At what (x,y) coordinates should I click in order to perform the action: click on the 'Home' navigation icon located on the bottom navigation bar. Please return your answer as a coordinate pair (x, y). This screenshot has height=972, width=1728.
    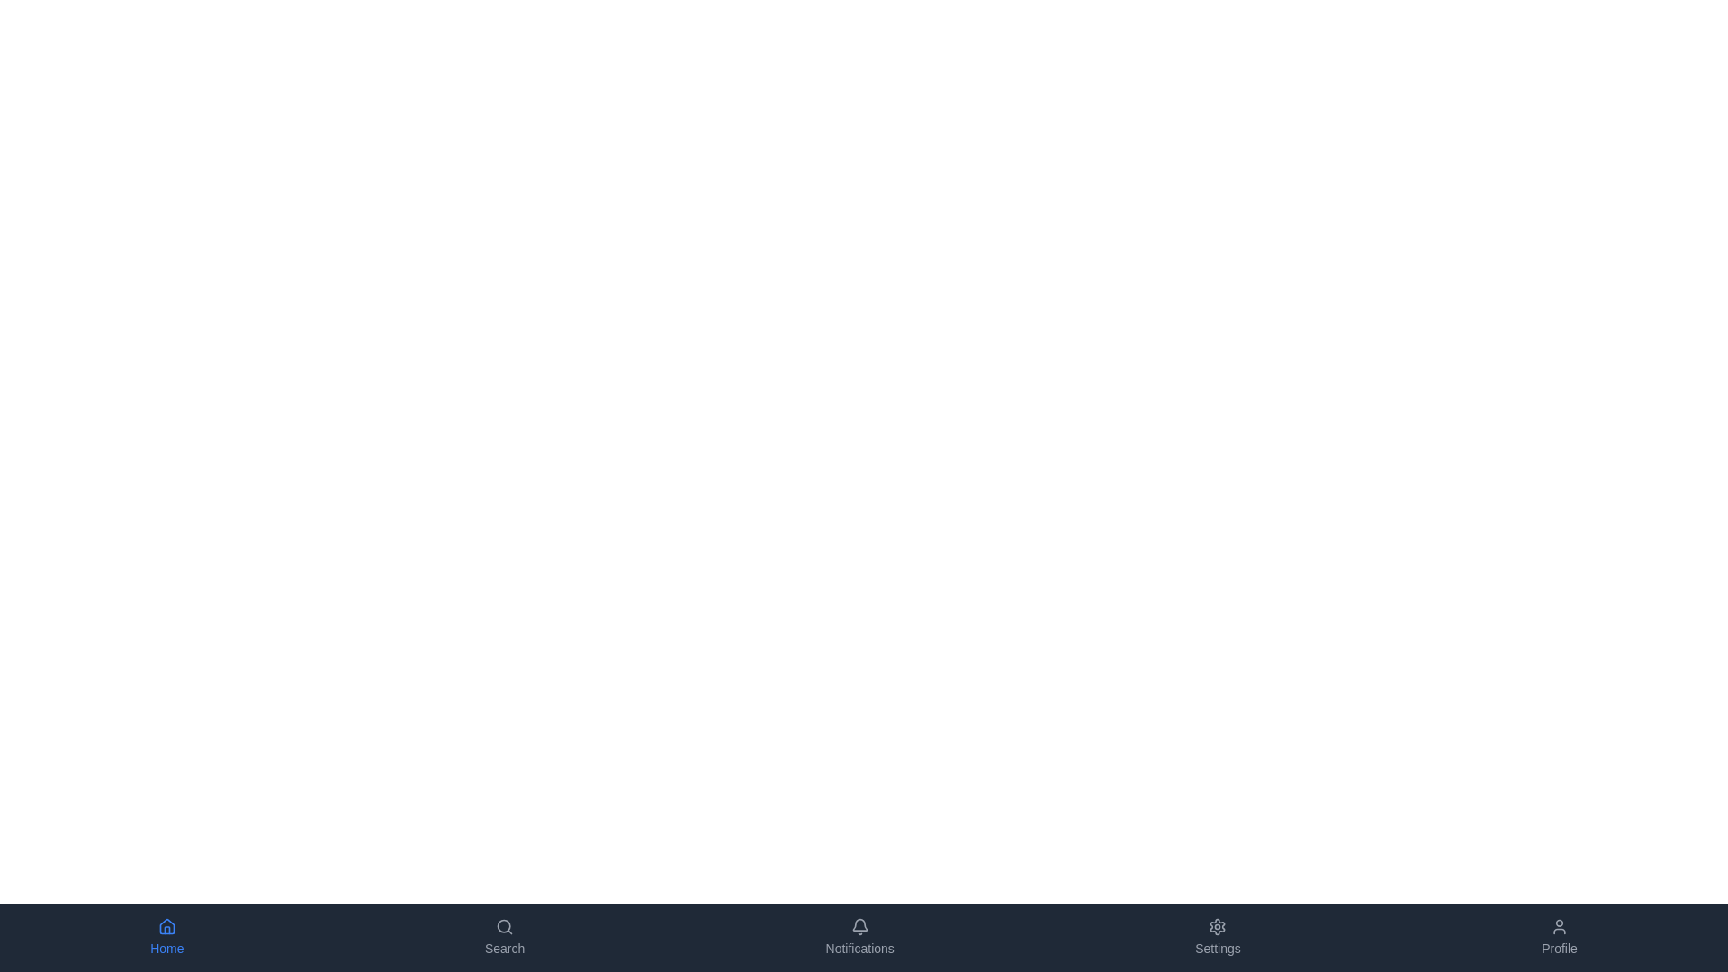
    Looking at the image, I should click on (166, 926).